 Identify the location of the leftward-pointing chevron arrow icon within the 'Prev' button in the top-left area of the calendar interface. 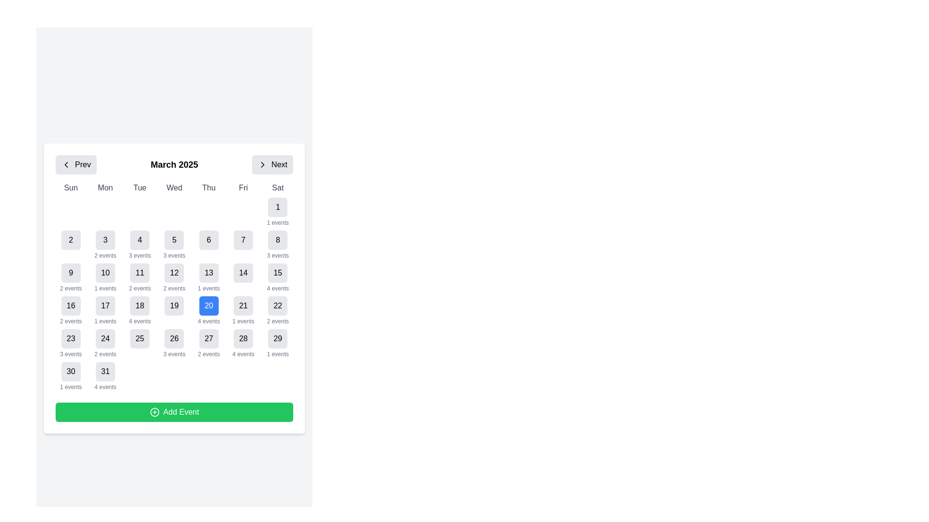
(66, 164).